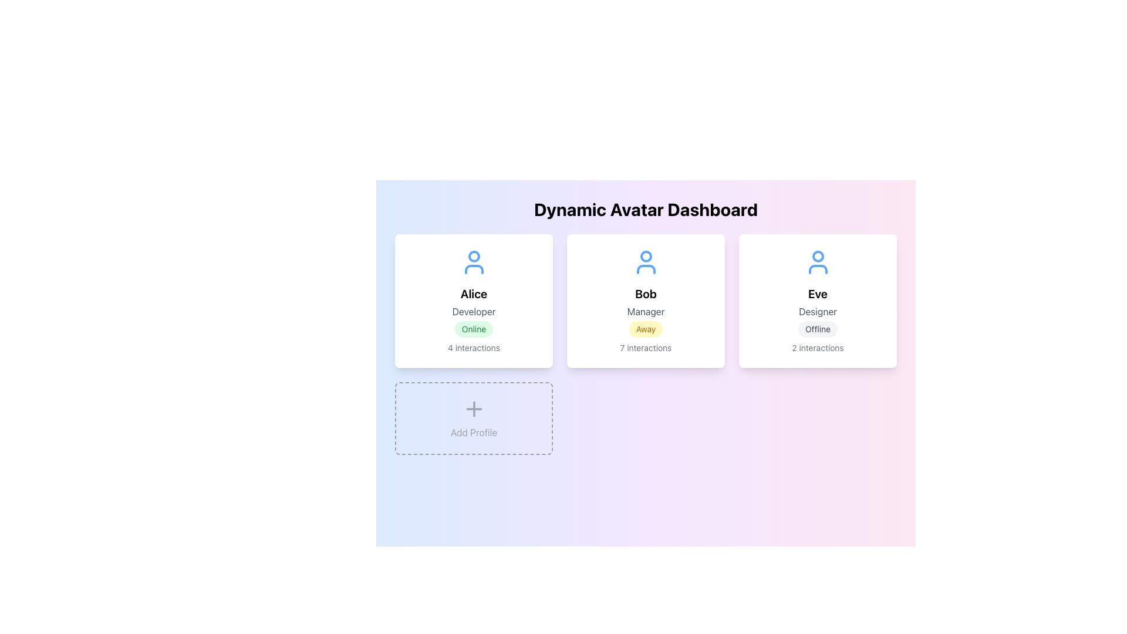 The image size is (1127, 634). Describe the element at coordinates (817, 311) in the screenshot. I see `the text label displaying 'Designer' located below the name 'Eve' within the user card layout` at that location.